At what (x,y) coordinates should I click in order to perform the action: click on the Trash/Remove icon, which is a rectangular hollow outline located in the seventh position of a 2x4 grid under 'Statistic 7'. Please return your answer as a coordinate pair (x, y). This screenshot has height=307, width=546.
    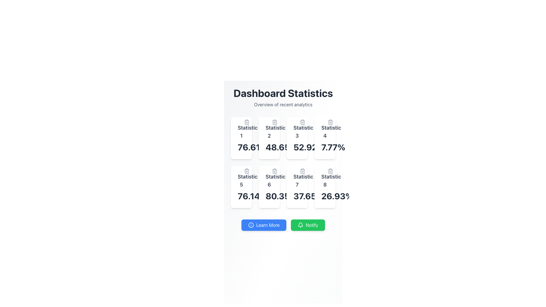
    Looking at the image, I should click on (302, 171).